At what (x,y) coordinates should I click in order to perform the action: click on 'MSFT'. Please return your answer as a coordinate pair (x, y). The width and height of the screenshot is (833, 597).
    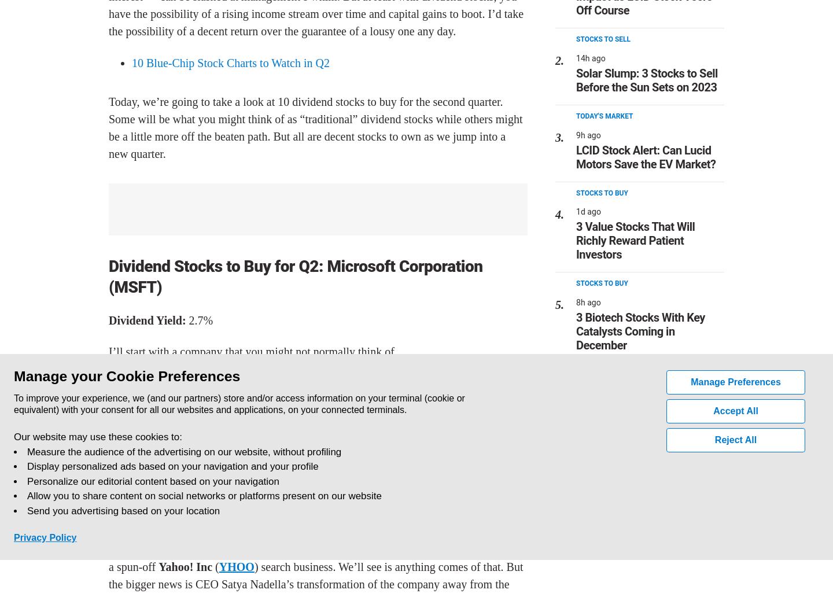
    Looking at the image, I should click on (331, 368).